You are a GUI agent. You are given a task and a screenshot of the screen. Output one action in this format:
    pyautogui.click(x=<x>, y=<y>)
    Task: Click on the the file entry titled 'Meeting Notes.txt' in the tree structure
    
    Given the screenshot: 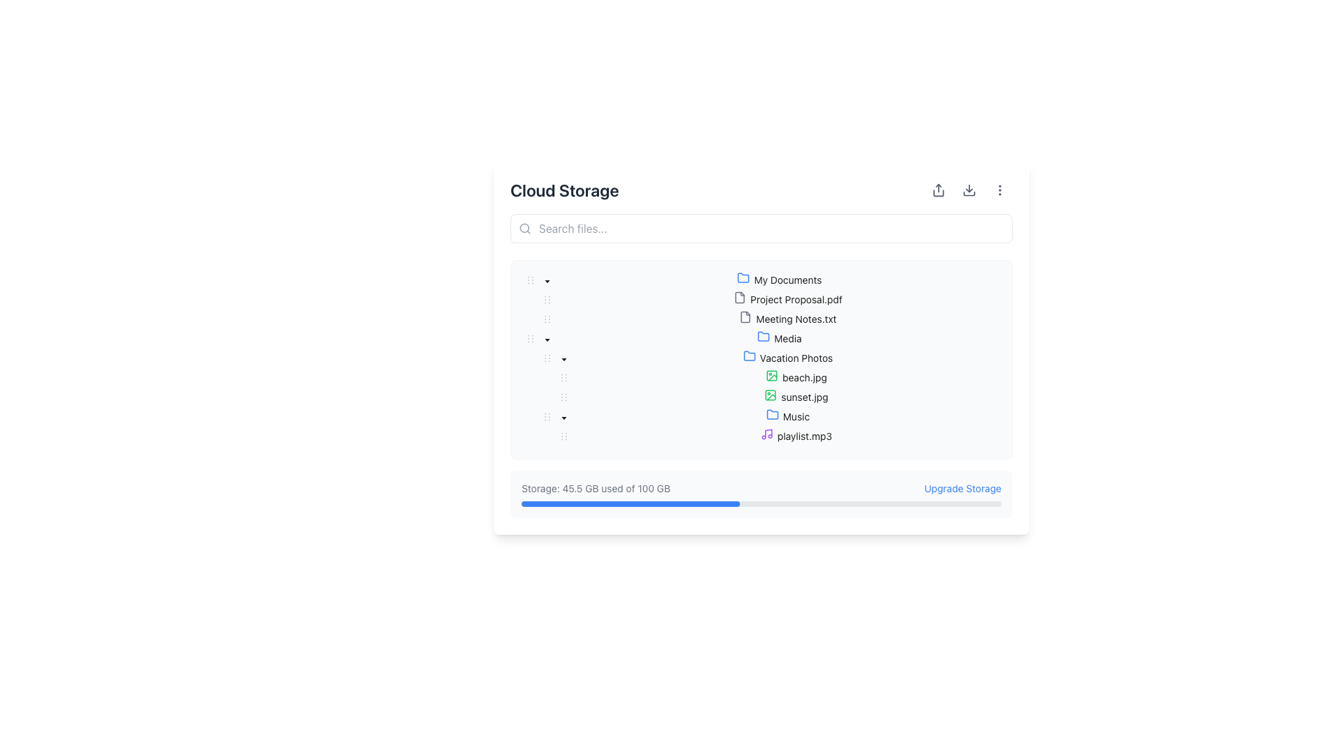 What is the action you would take?
    pyautogui.click(x=760, y=319)
    